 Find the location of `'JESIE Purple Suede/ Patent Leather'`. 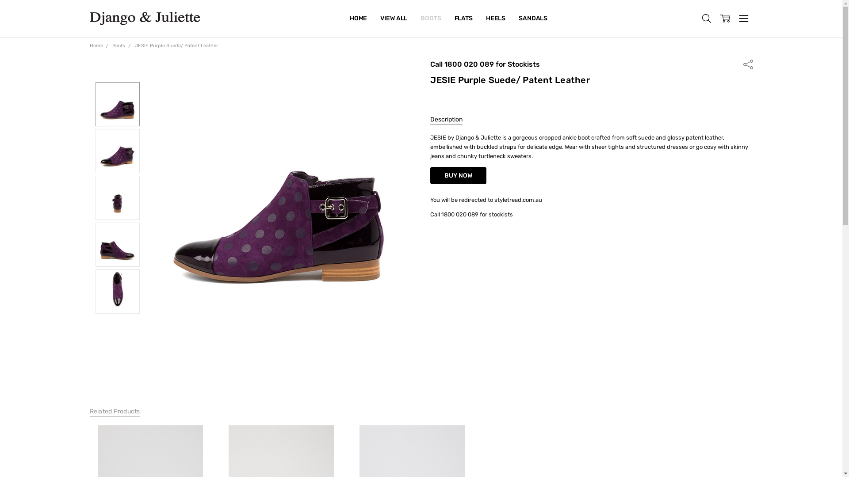

'JESIE Purple Suede/ Patent Leather' is located at coordinates (98, 103).